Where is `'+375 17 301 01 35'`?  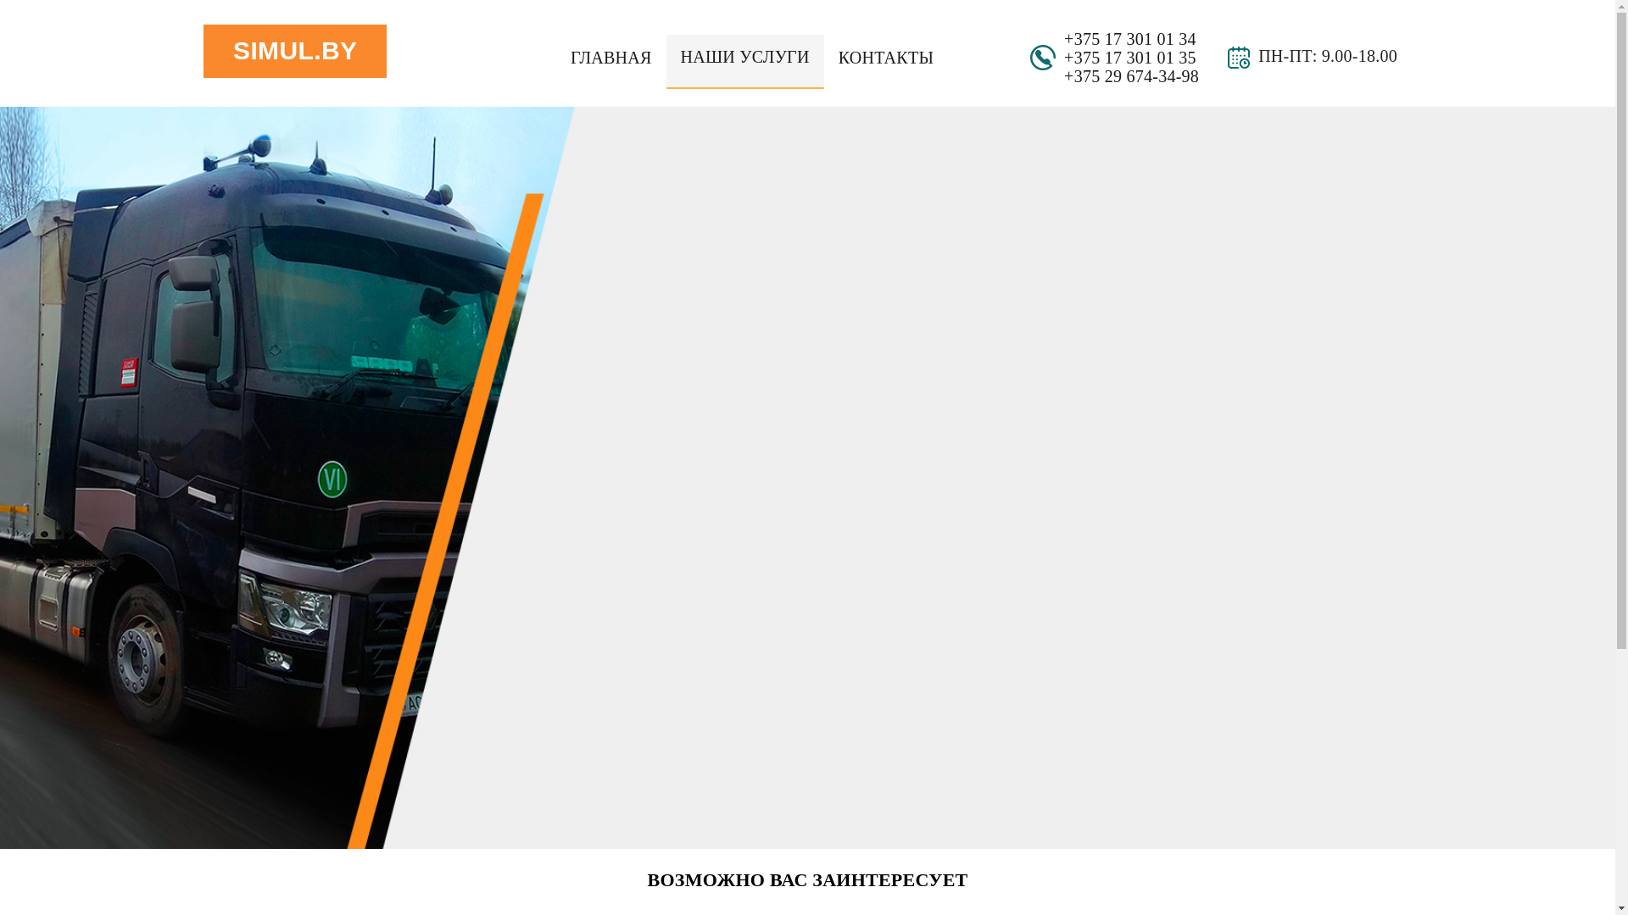
'+375 17 301 01 35' is located at coordinates (1130, 57).